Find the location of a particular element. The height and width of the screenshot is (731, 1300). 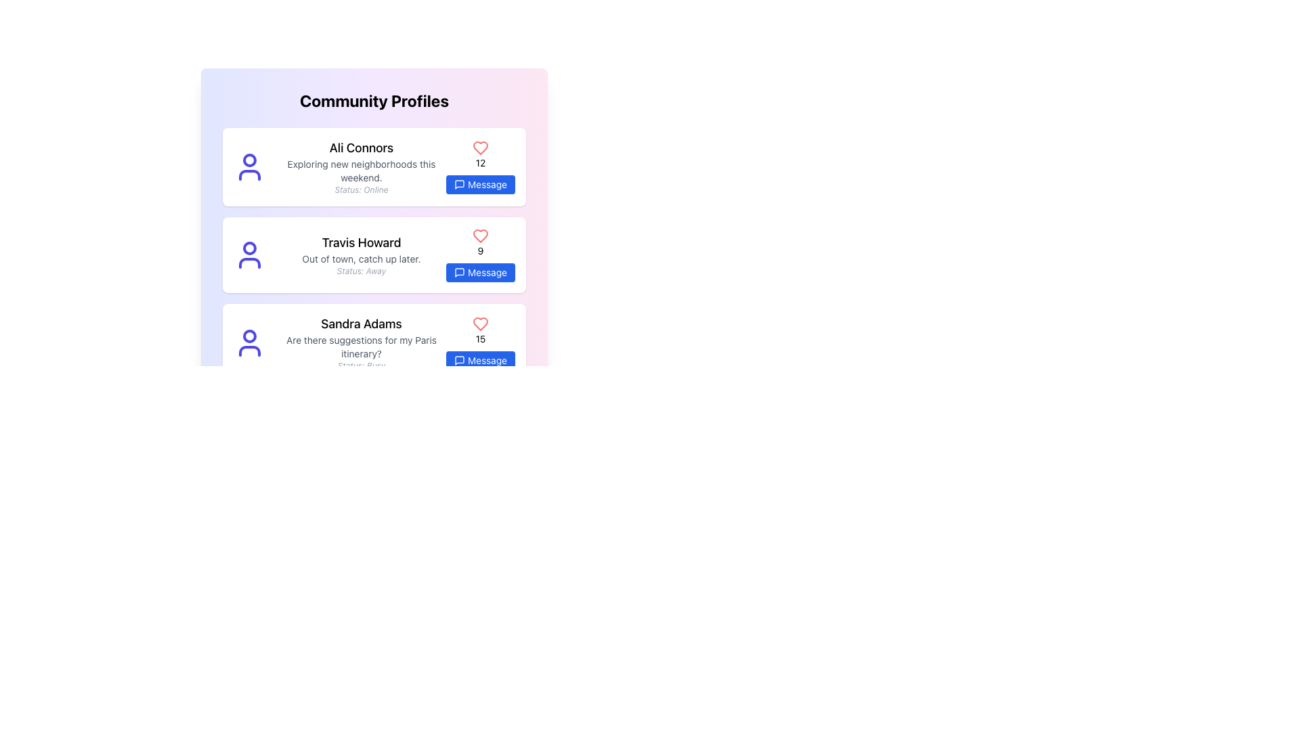

the Circle SVG element representing the head in the user profile icon for 'Travis Howard' in the 'Community Profiles' section is located at coordinates (250, 248).